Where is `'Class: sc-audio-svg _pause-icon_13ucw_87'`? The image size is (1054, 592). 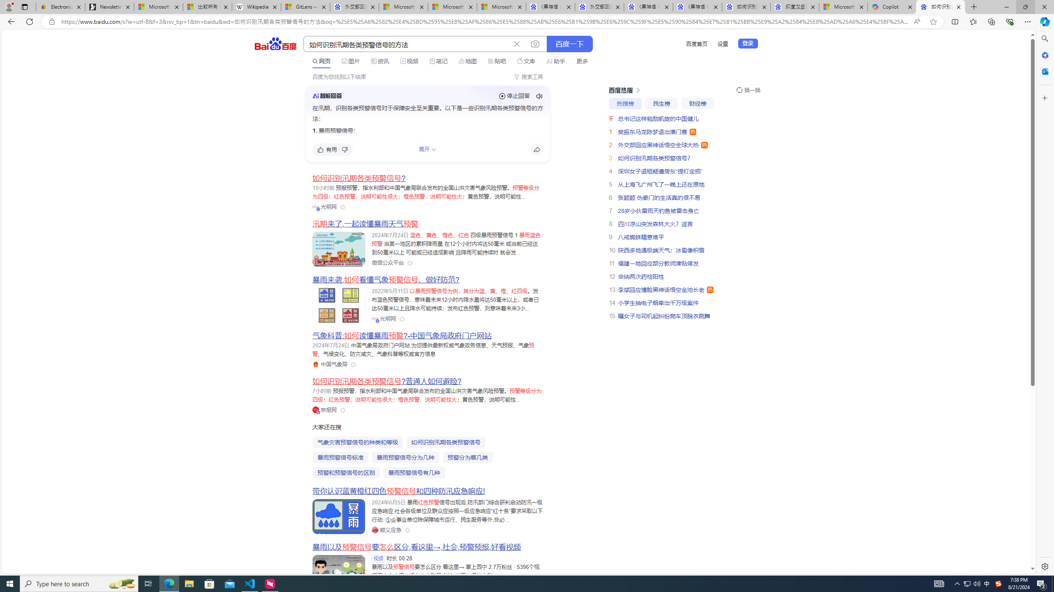 'Class: sc-audio-svg _pause-icon_13ucw_87' is located at coordinates (539, 96).